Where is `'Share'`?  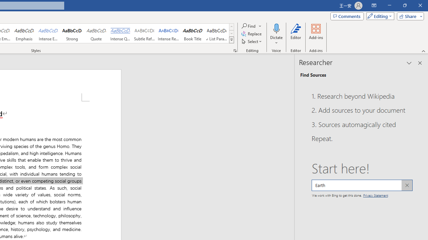 'Share' is located at coordinates (409, 16).